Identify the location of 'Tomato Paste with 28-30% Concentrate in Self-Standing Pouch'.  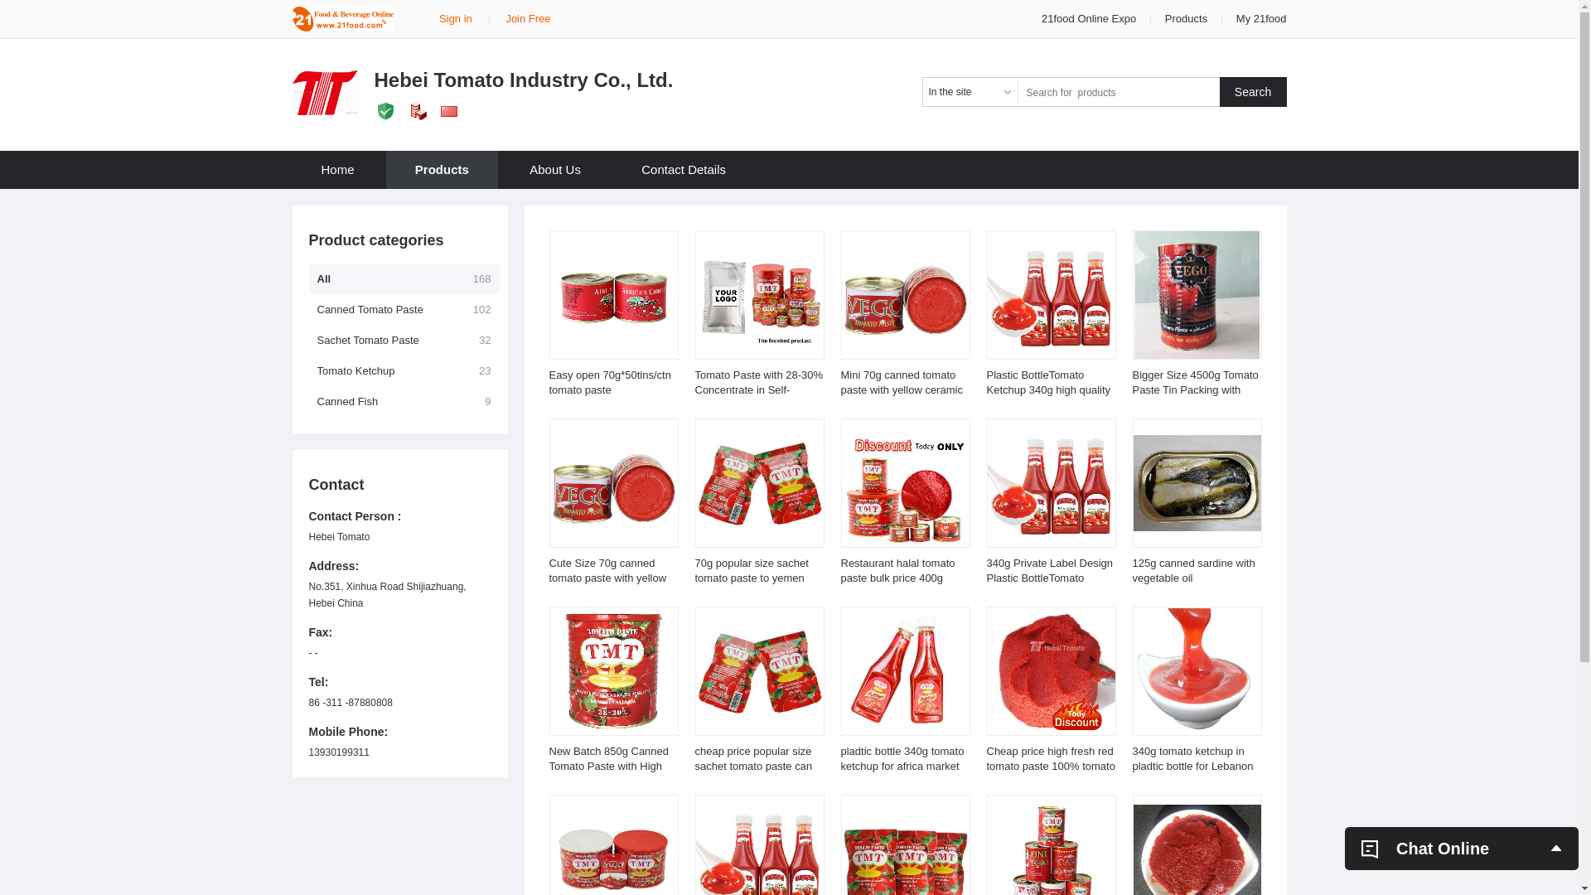
(757, 389).